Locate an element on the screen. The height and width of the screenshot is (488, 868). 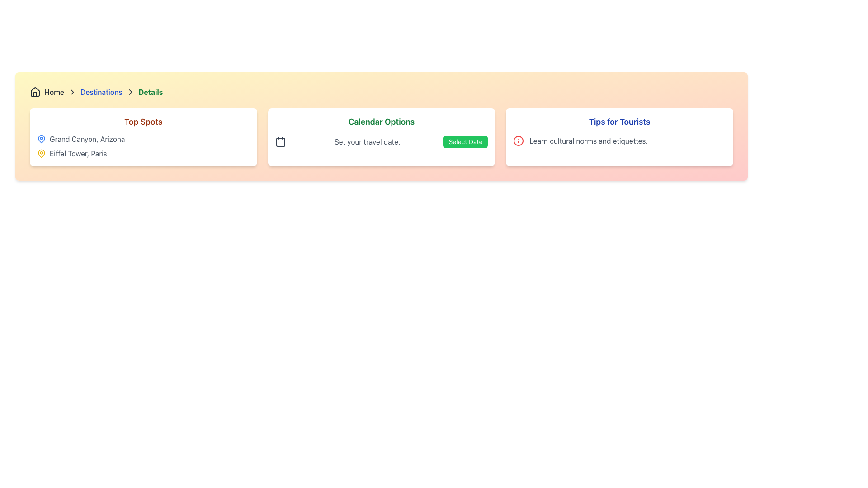
the right-facing chevron arrow icon in the breadcrumb navigation, located between 'Destinations' and 'Details' is located at coordinates (130, 92).